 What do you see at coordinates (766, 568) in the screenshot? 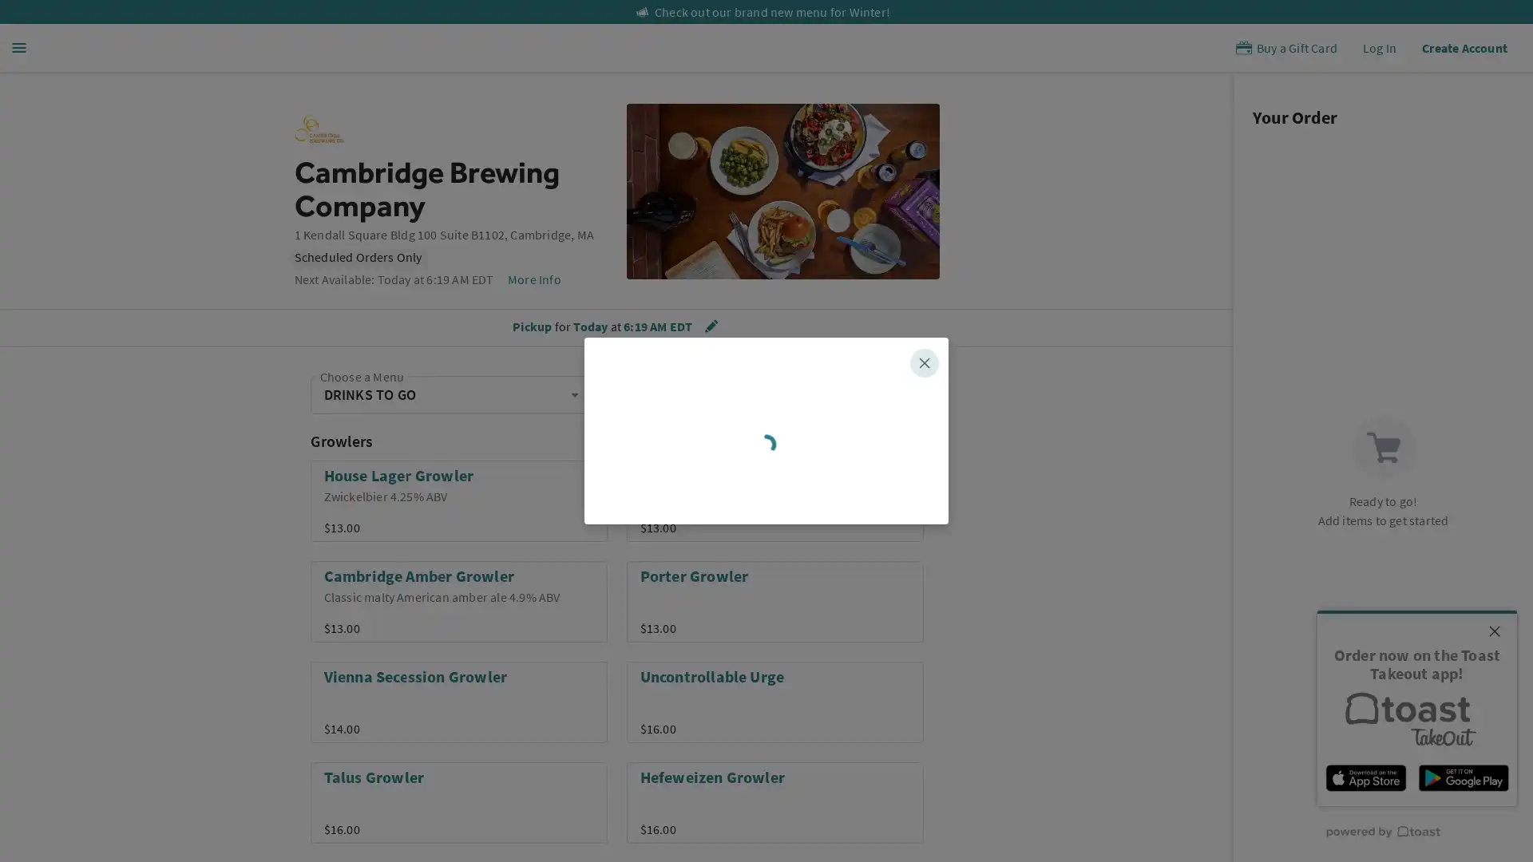
I see `Start Order` at bounding box center [766, 568].